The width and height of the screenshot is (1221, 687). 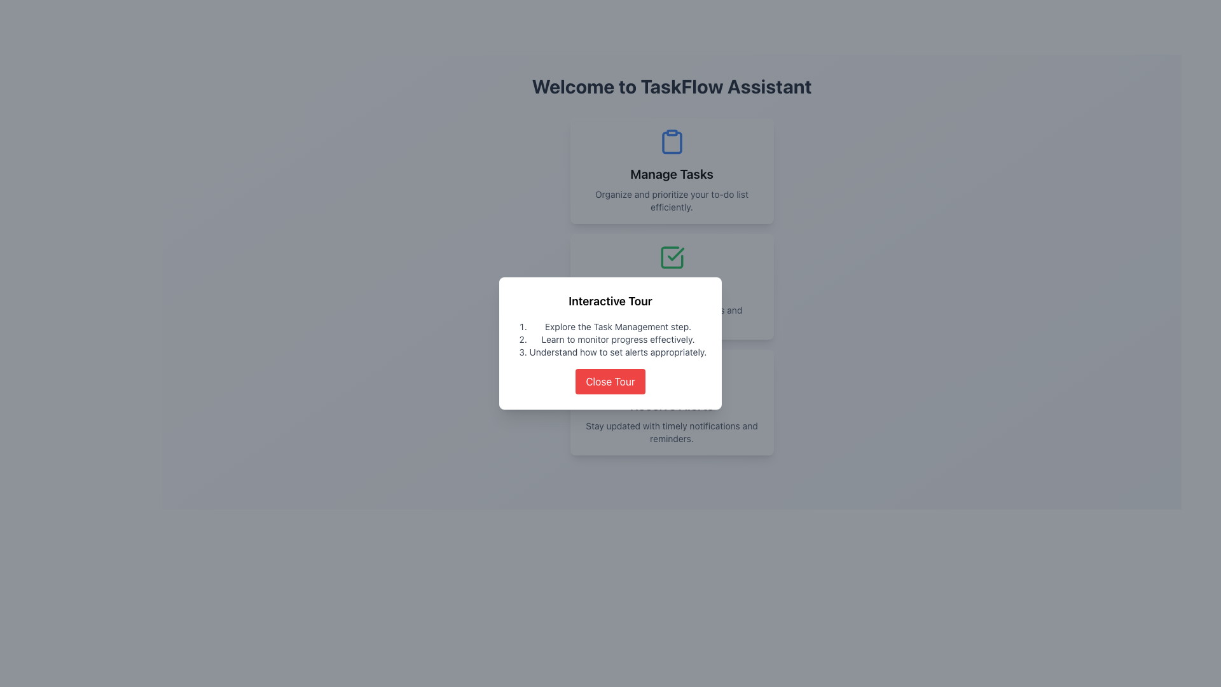 I want to click on the prominently styled text label with the content 'Interactive Tour', which is a header within the modal box, so click(x=610, y=302).